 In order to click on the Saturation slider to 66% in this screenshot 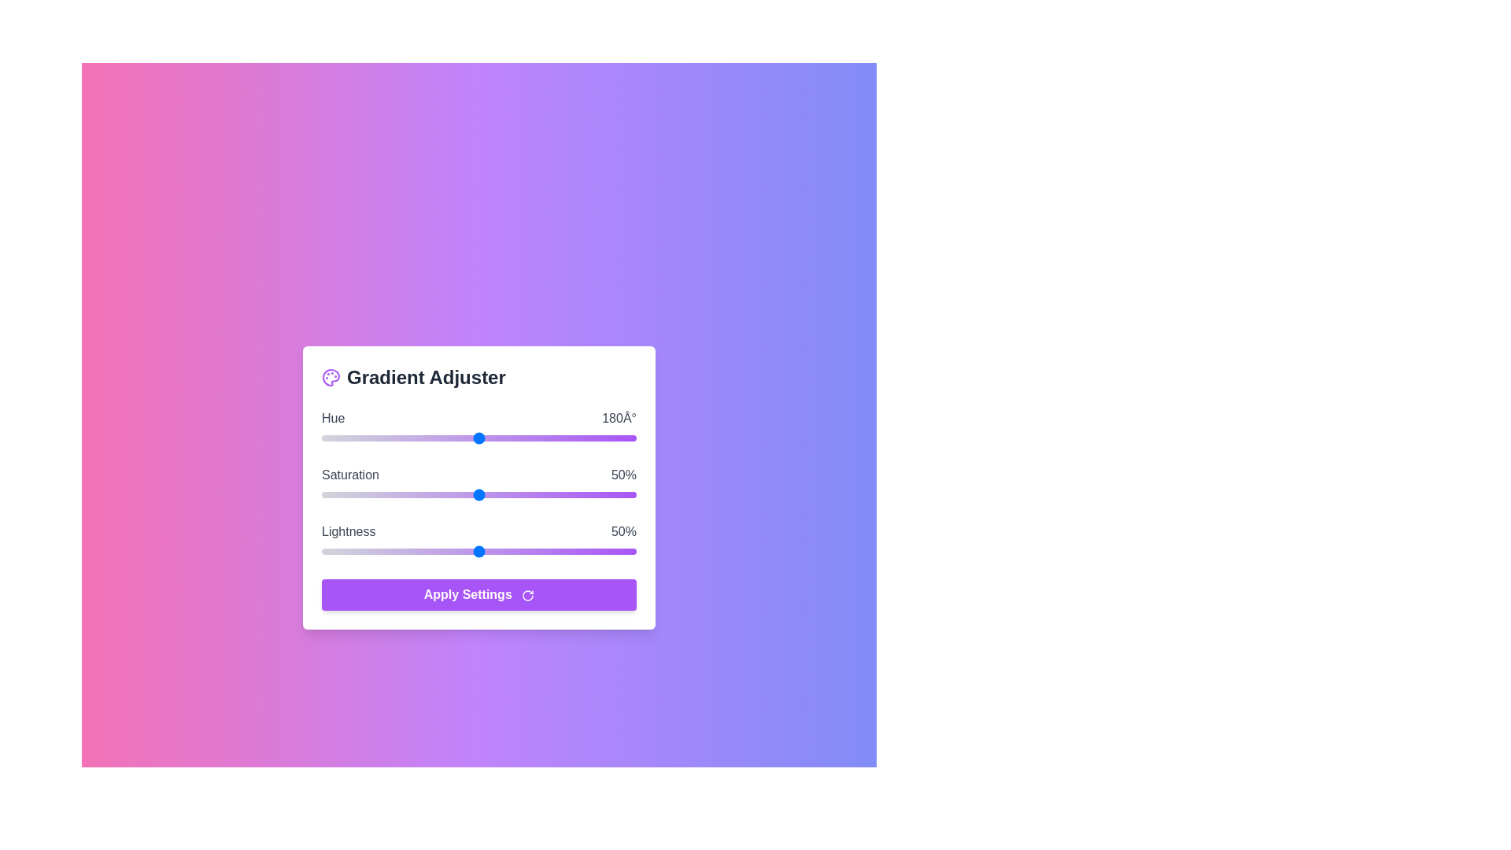, I will do `click(529, 493)`.